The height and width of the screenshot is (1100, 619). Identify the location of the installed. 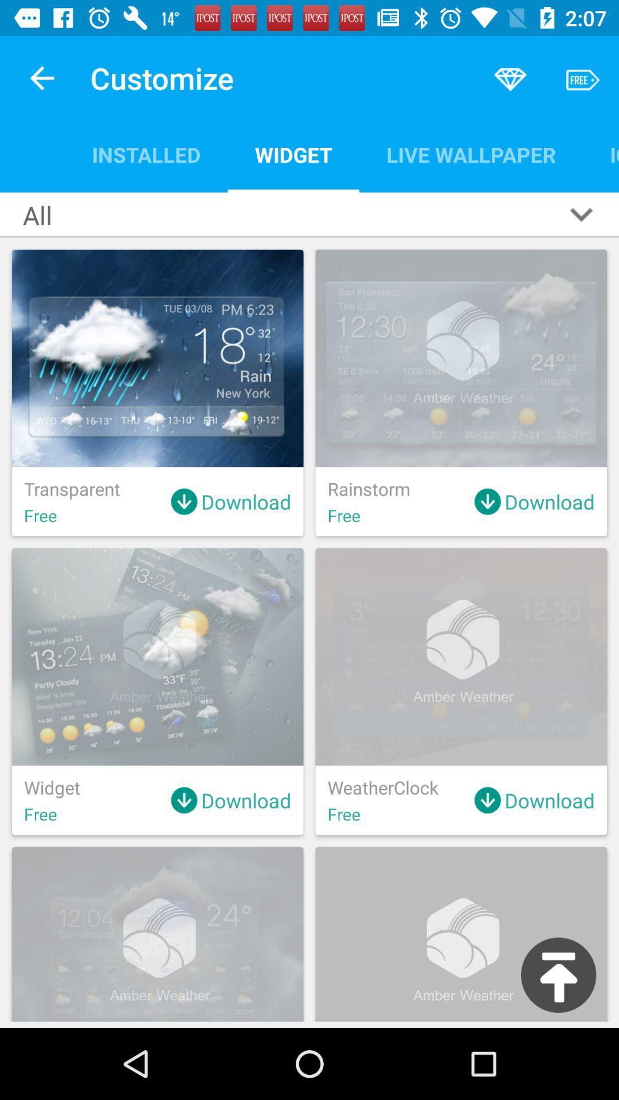
(146, 154).